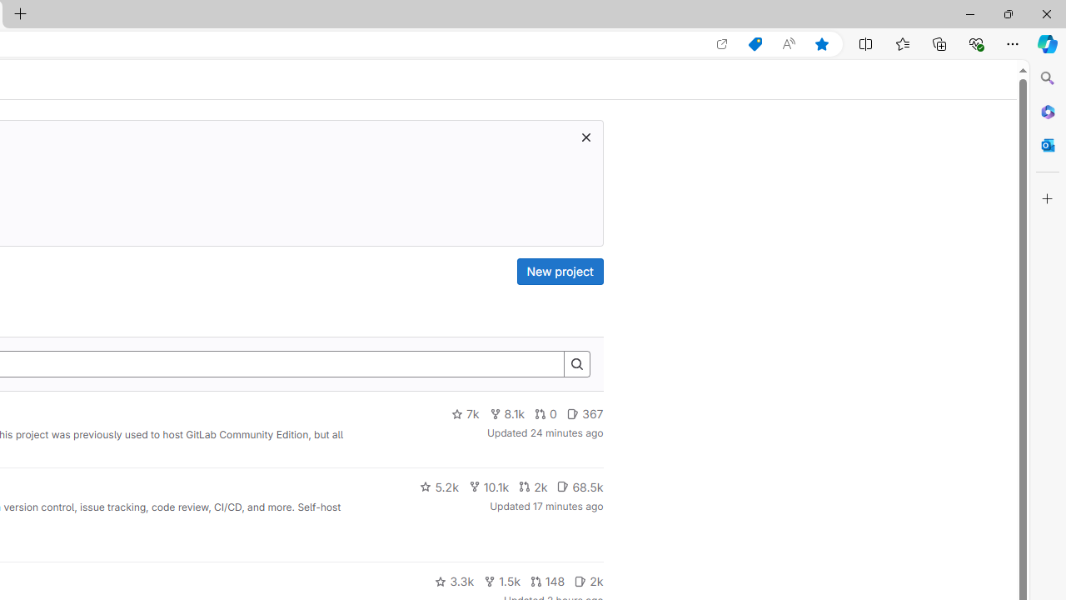 This screenshot has height=600, width=1066. Describe the element at coordinates (589, 581) in the screenshot. I see `'2k'` at that location.